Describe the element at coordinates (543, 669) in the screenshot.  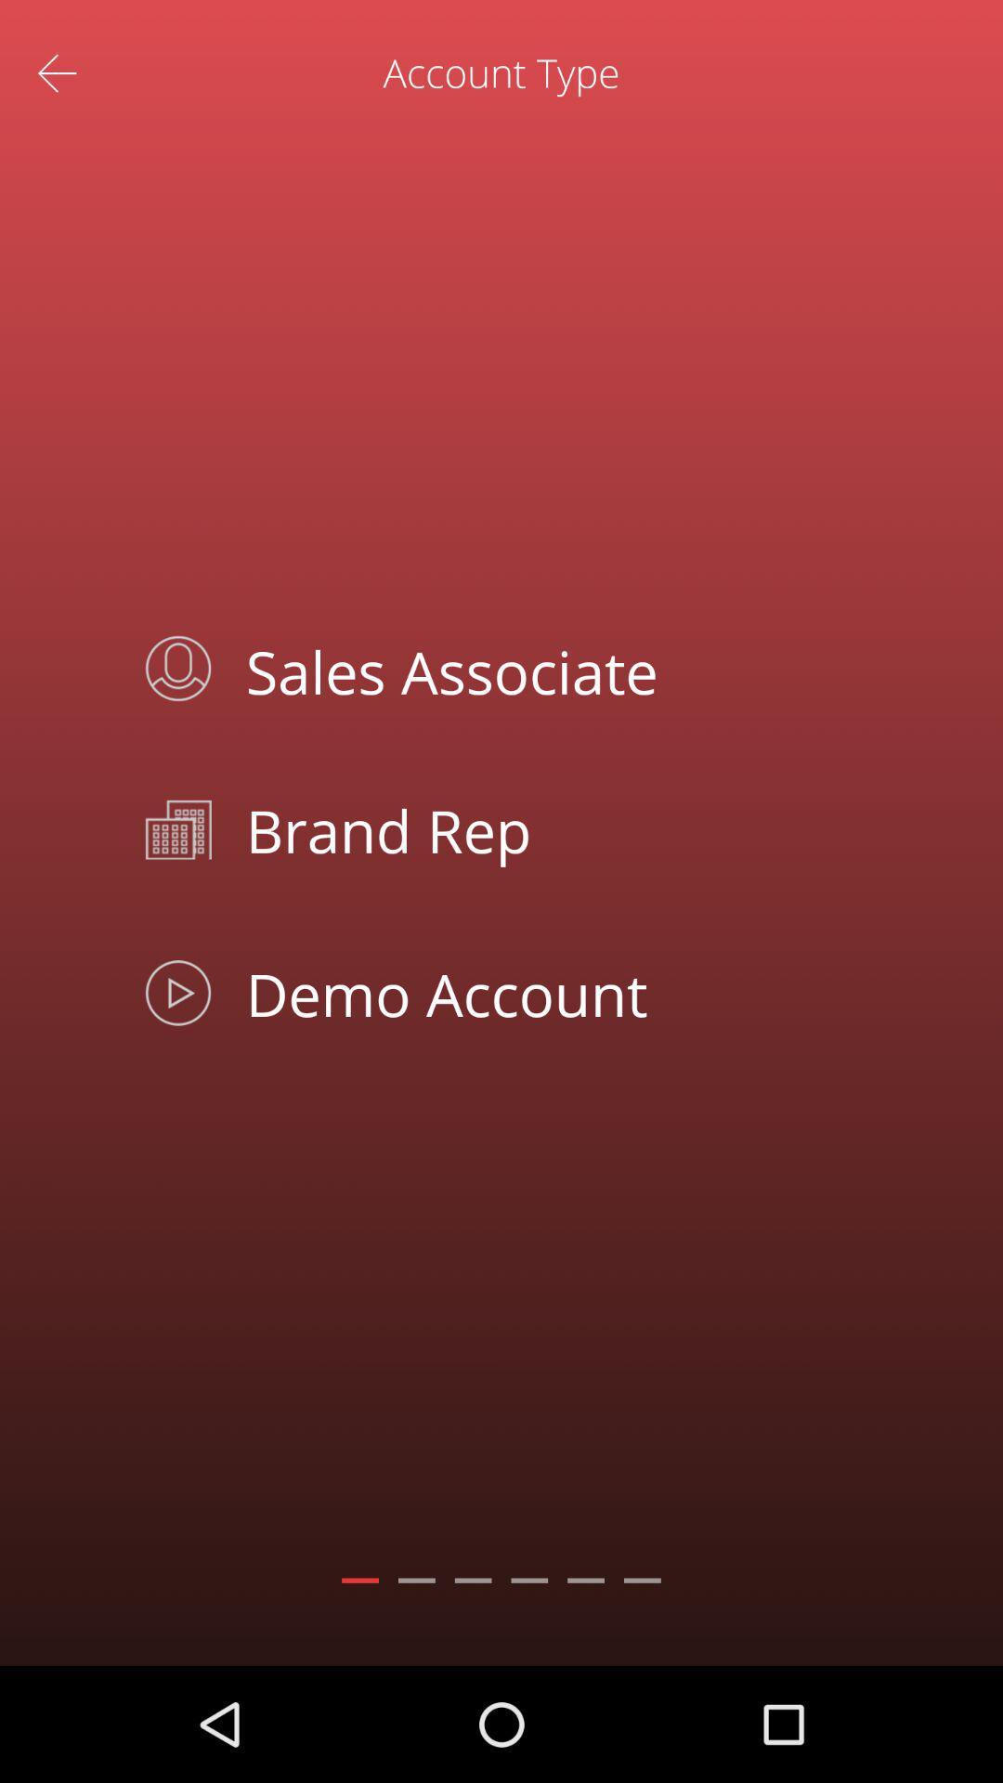
I see `the icon below the account type app` at that location.